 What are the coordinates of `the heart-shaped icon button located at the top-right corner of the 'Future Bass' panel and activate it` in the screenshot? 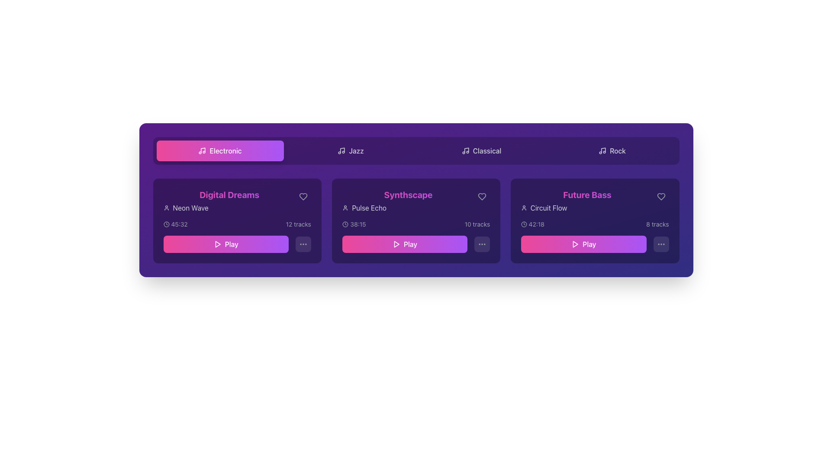 It's located at (660, 197).